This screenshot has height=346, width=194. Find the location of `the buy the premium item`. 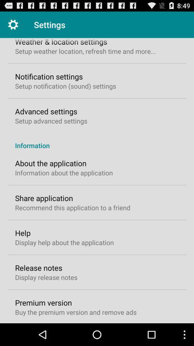

the buy the premium item is located at coordinates (75, 312).